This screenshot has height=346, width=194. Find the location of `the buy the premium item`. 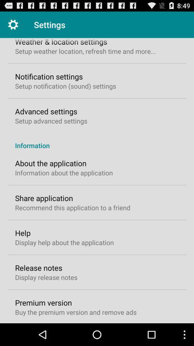

the buy the premium item is located at coordinates (75, 312).